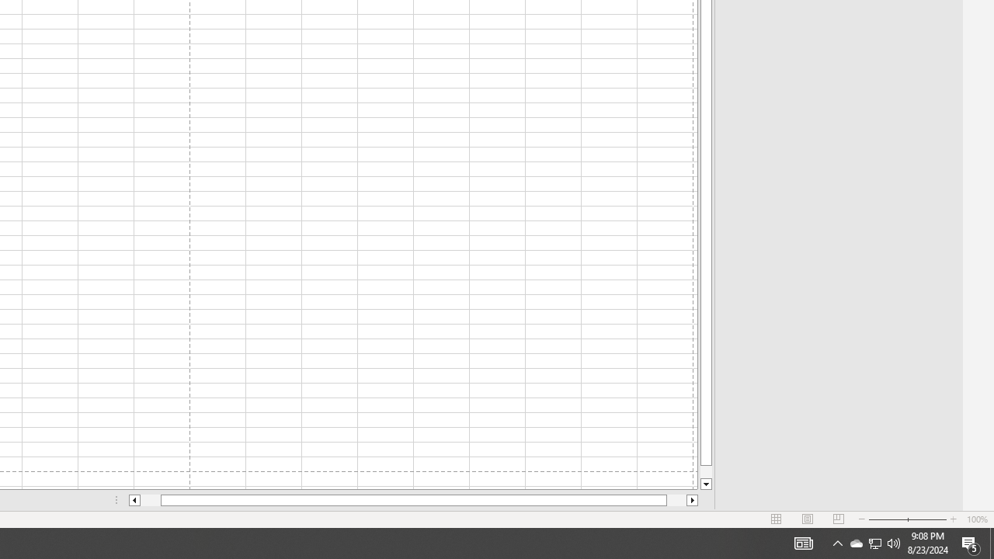 Image resolution: width=994 pixels, height=559 pixels. I want to click on 'Page Break Preview', so click(837, 519).